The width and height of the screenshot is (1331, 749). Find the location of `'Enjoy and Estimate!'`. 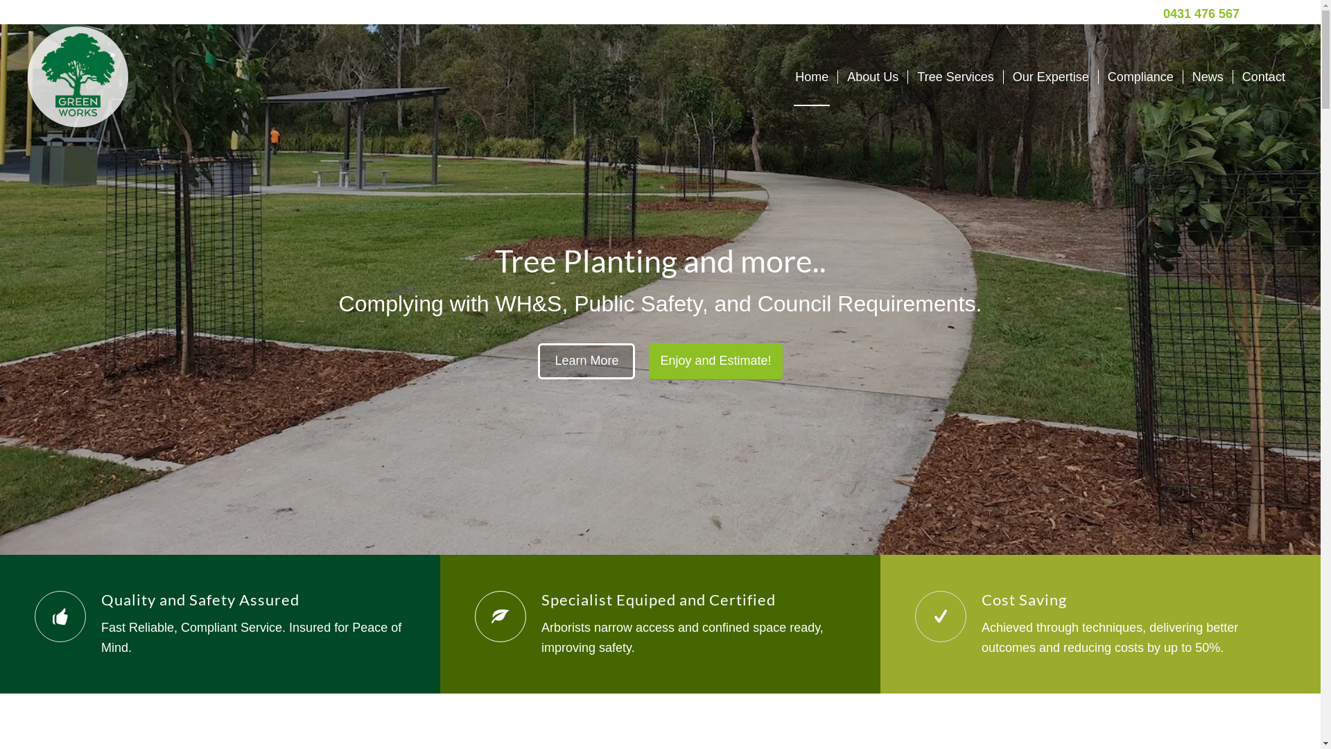

'Enjoy and Estimate!' is located at coordinates (715, 361).